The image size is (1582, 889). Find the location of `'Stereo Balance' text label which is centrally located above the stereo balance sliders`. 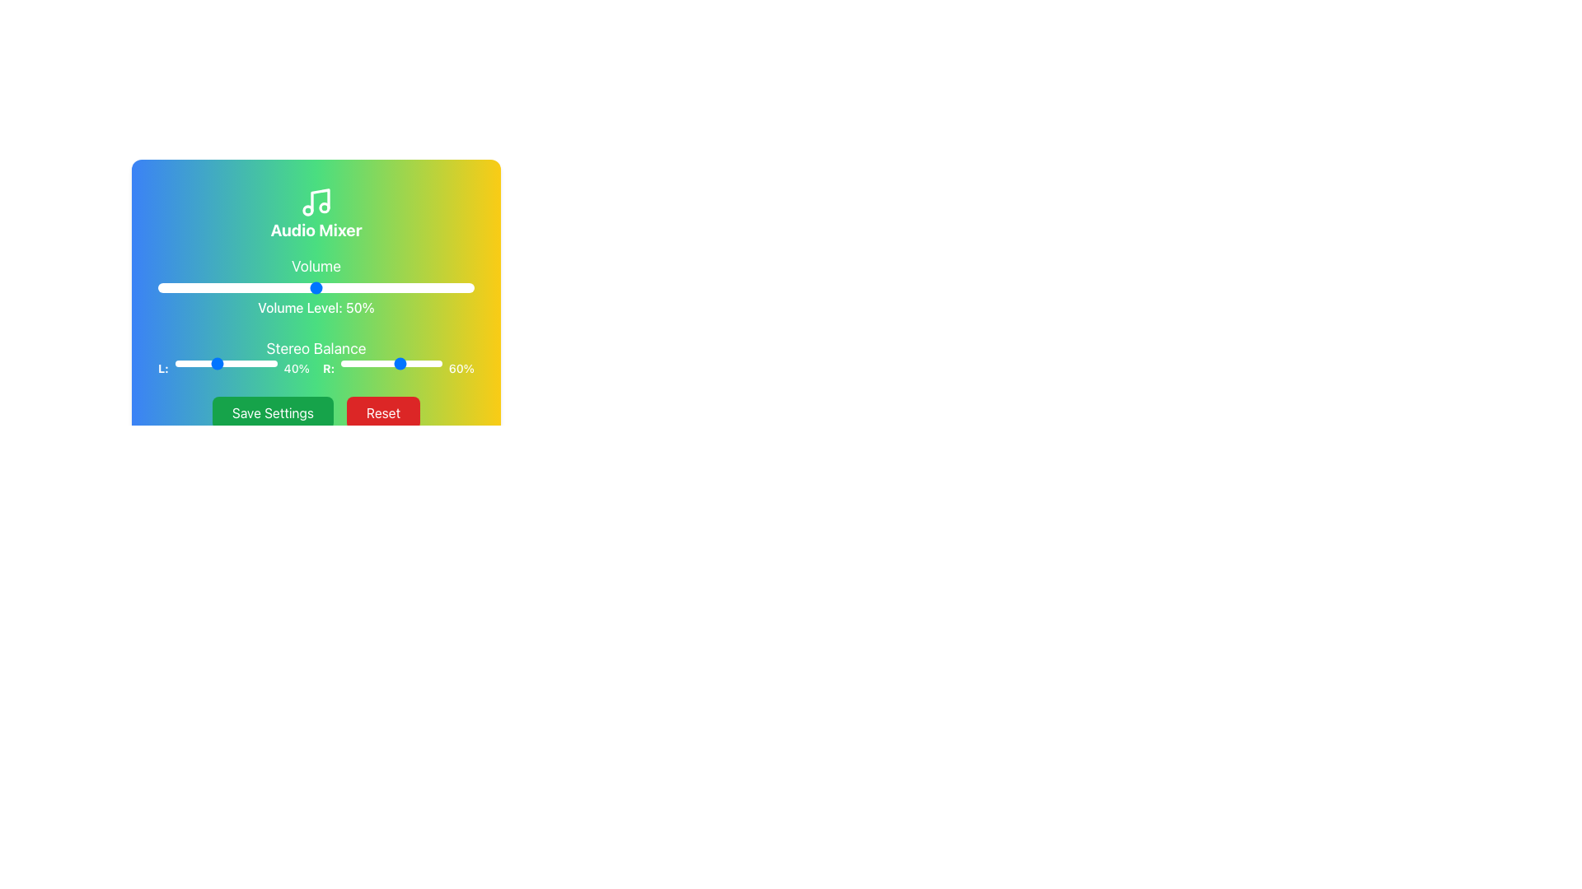

'Stereo Balance' text label which is centrally located above the stereo balance sliders is located at coordinates (316, 348).